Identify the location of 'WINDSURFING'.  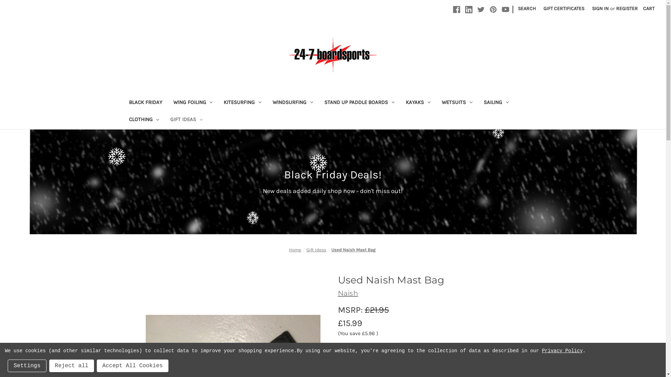
(266, 103).